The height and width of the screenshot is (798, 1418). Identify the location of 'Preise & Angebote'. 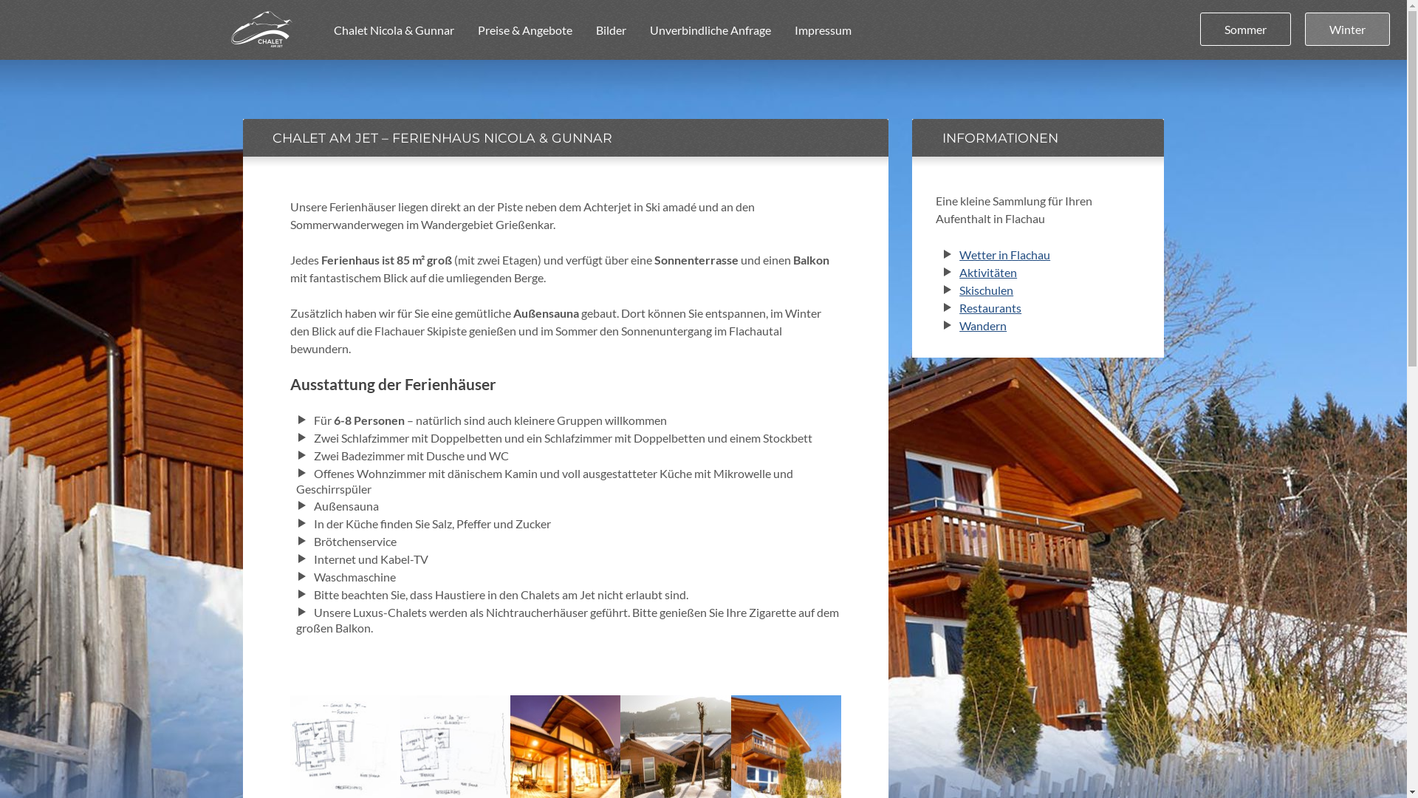
(524, 30).